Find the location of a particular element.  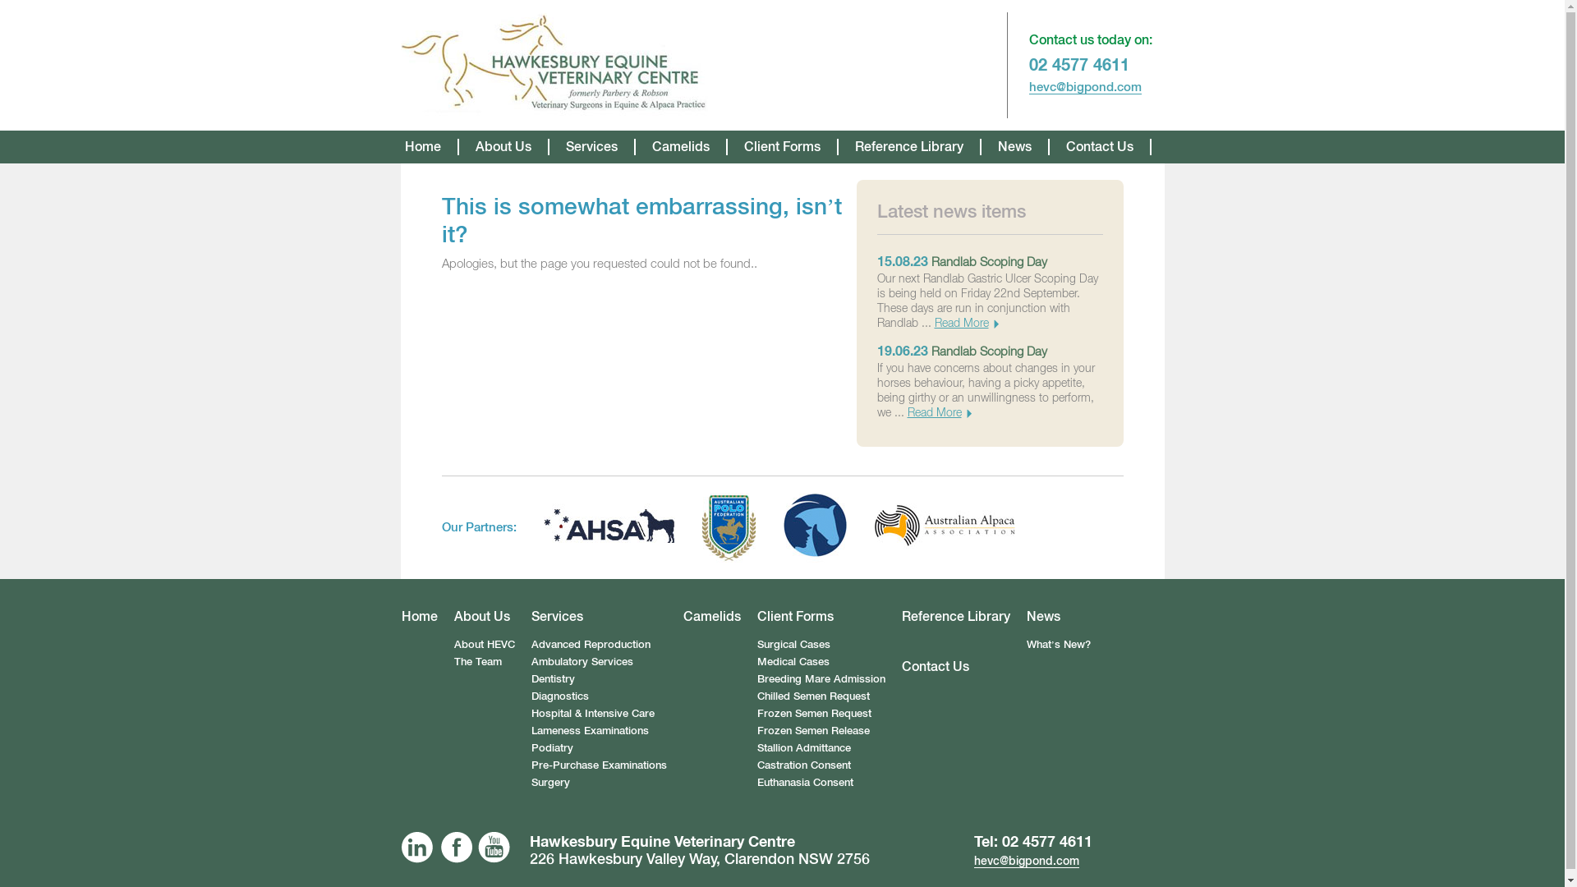

'Diagnostics' is located at coordinates (559, 696).